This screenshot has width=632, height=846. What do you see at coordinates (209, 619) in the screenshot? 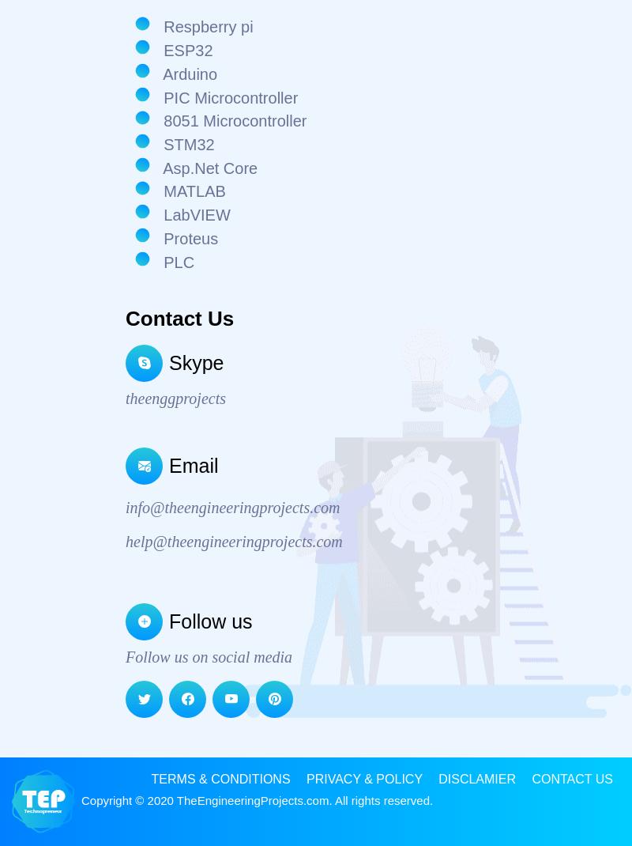
I see `'Follow us'` at bounding box center [209, 619].